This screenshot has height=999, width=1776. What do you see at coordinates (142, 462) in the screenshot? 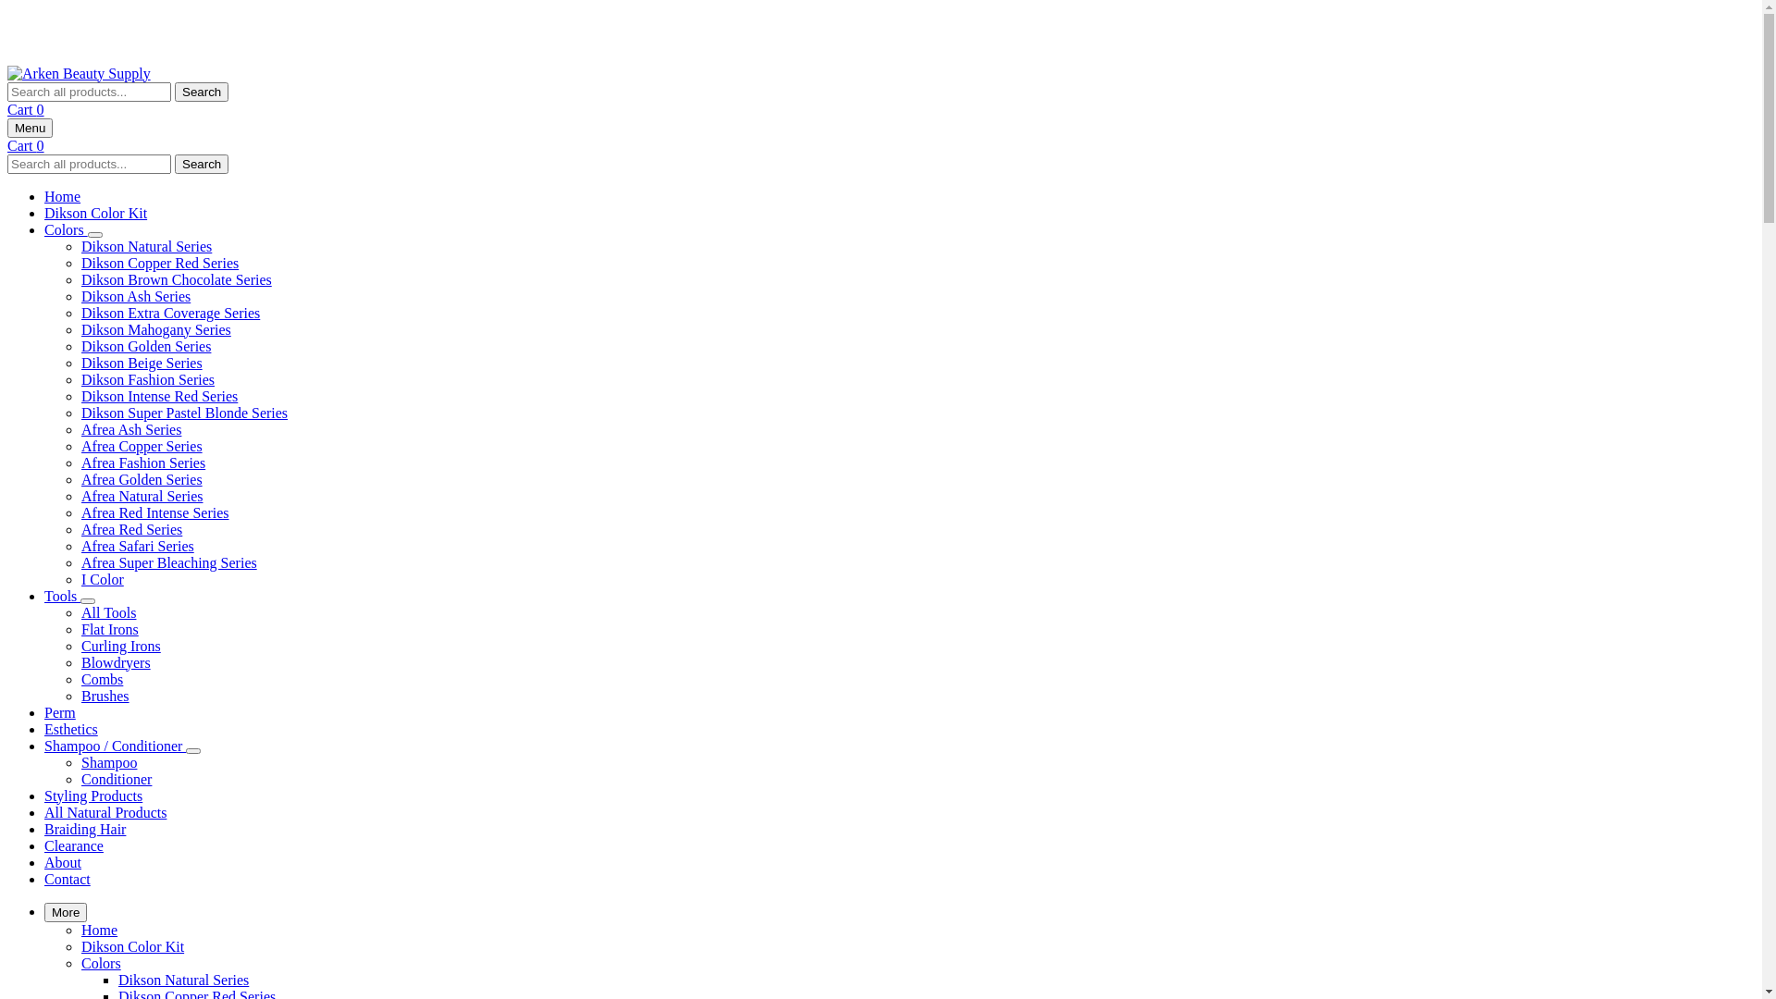
I see `'Afrea Fashion Series'` at bounding box center [142, 462].